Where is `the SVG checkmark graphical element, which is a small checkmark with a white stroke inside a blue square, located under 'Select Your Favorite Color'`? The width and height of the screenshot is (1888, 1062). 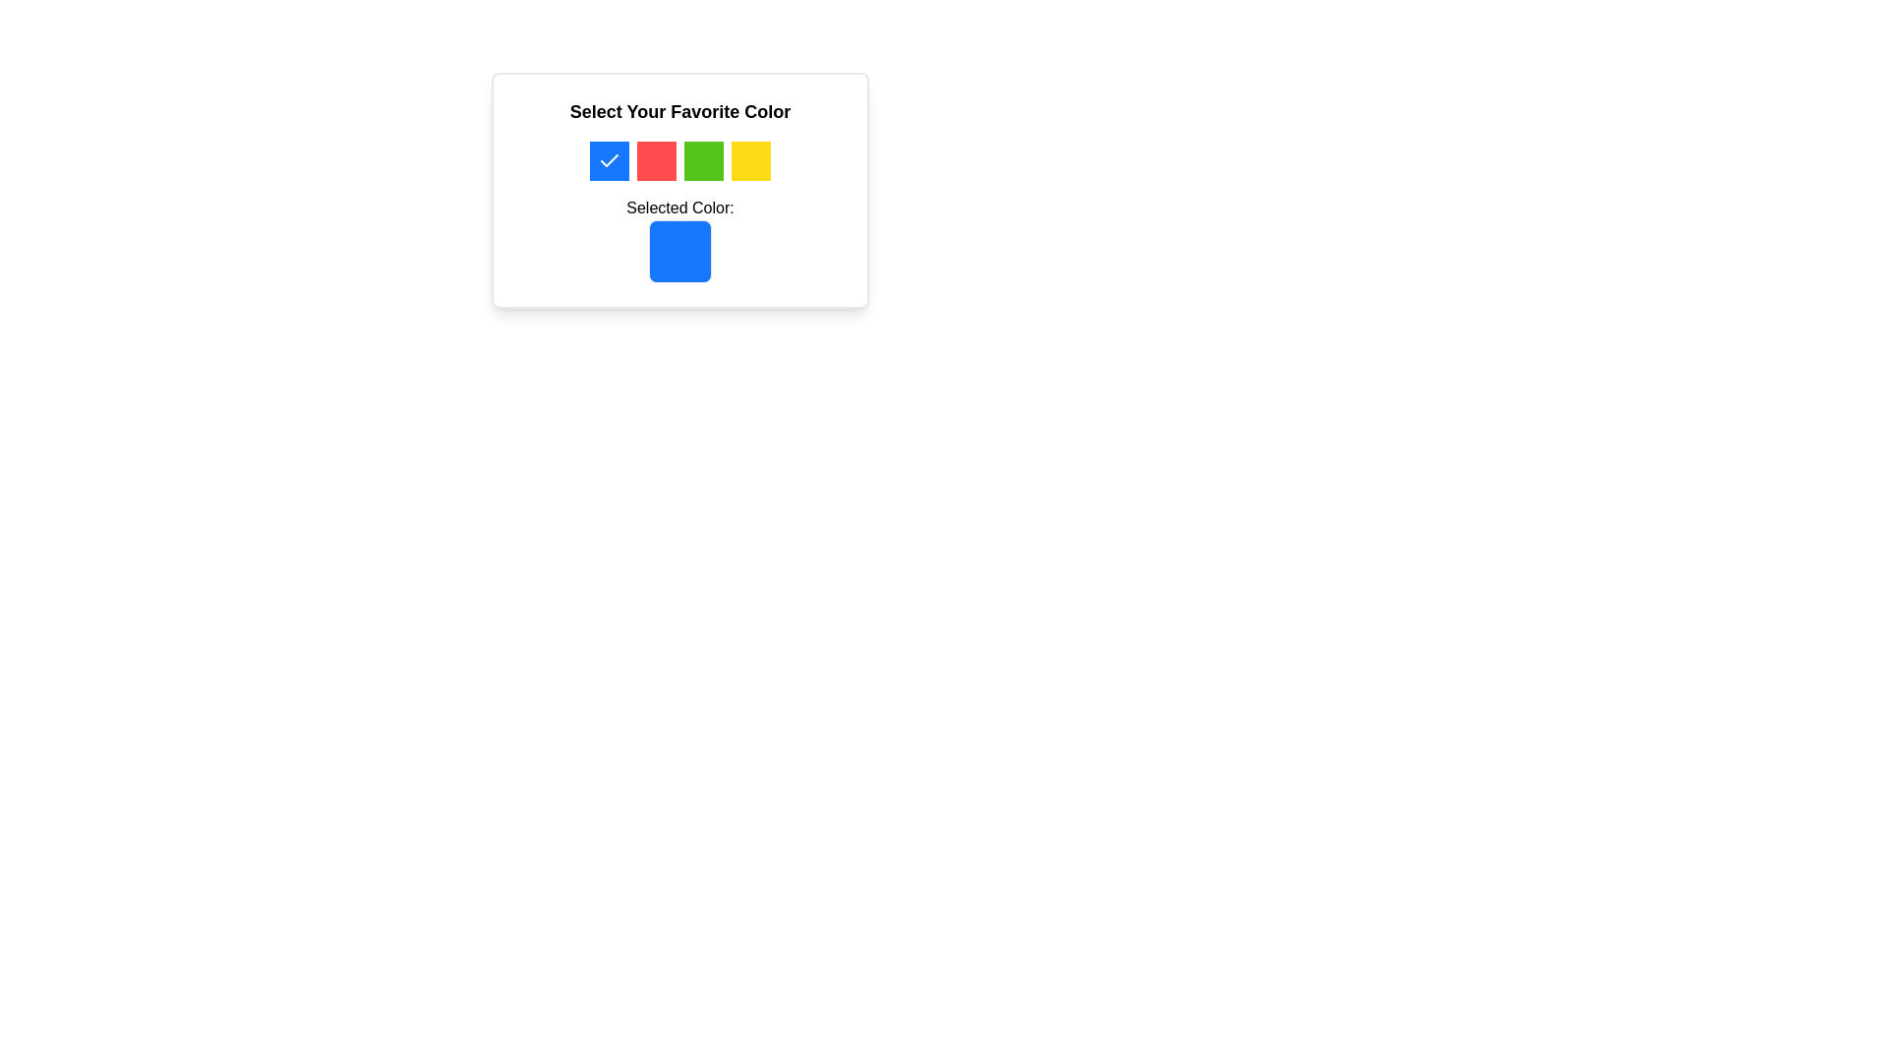 the SVG checkmark graphical element, which is a small checkmark with a white stroke inside a blue square, located under 'Select Your Favorite Color' is located at coordinates (608, 159).